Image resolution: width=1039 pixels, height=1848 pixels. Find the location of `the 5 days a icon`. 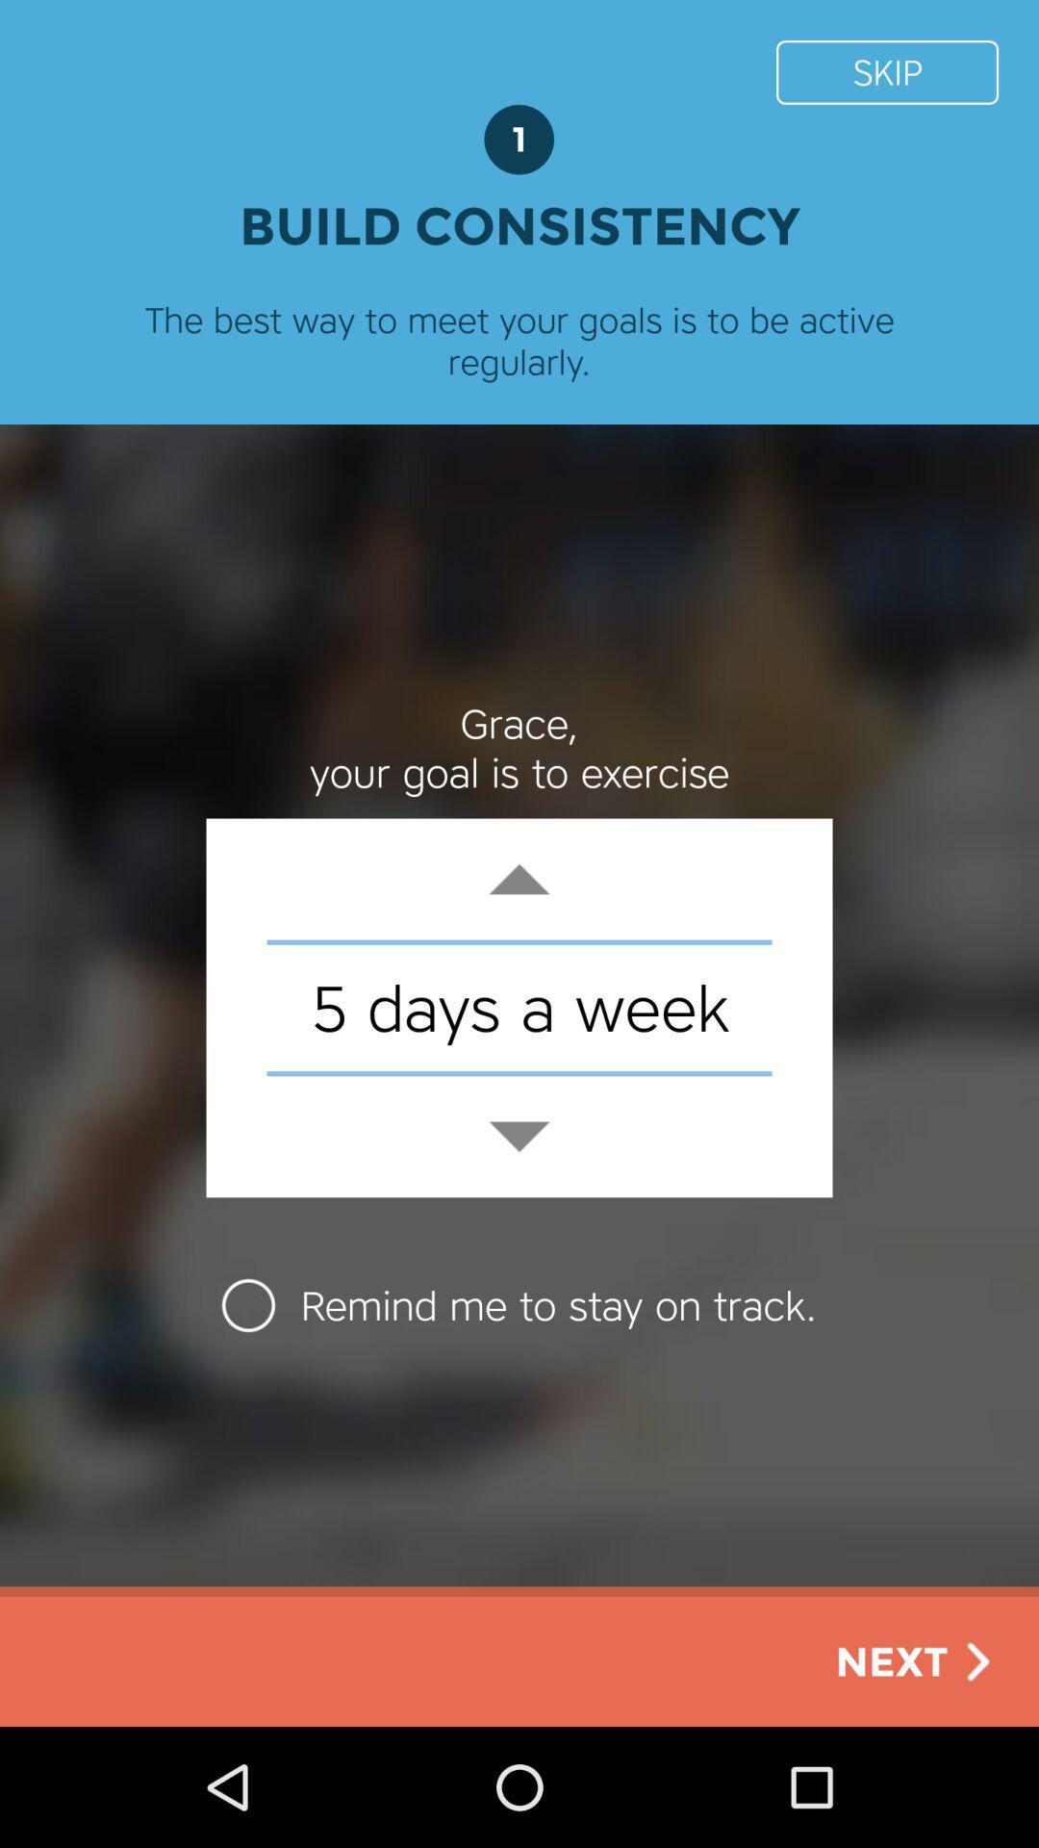

the 5 days a icon is located at coordinates (519, 1007).